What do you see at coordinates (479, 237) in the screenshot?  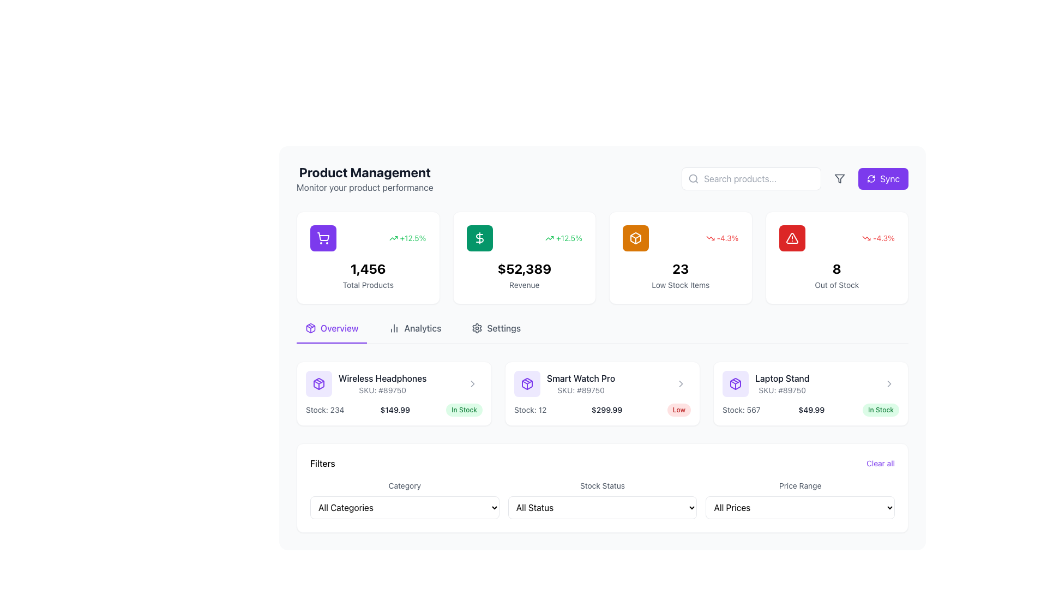 I see `the revenue icon in the second card of the dashboard, which is represented by an emerald green rounded rectangle` at bounding box center [479, 237].